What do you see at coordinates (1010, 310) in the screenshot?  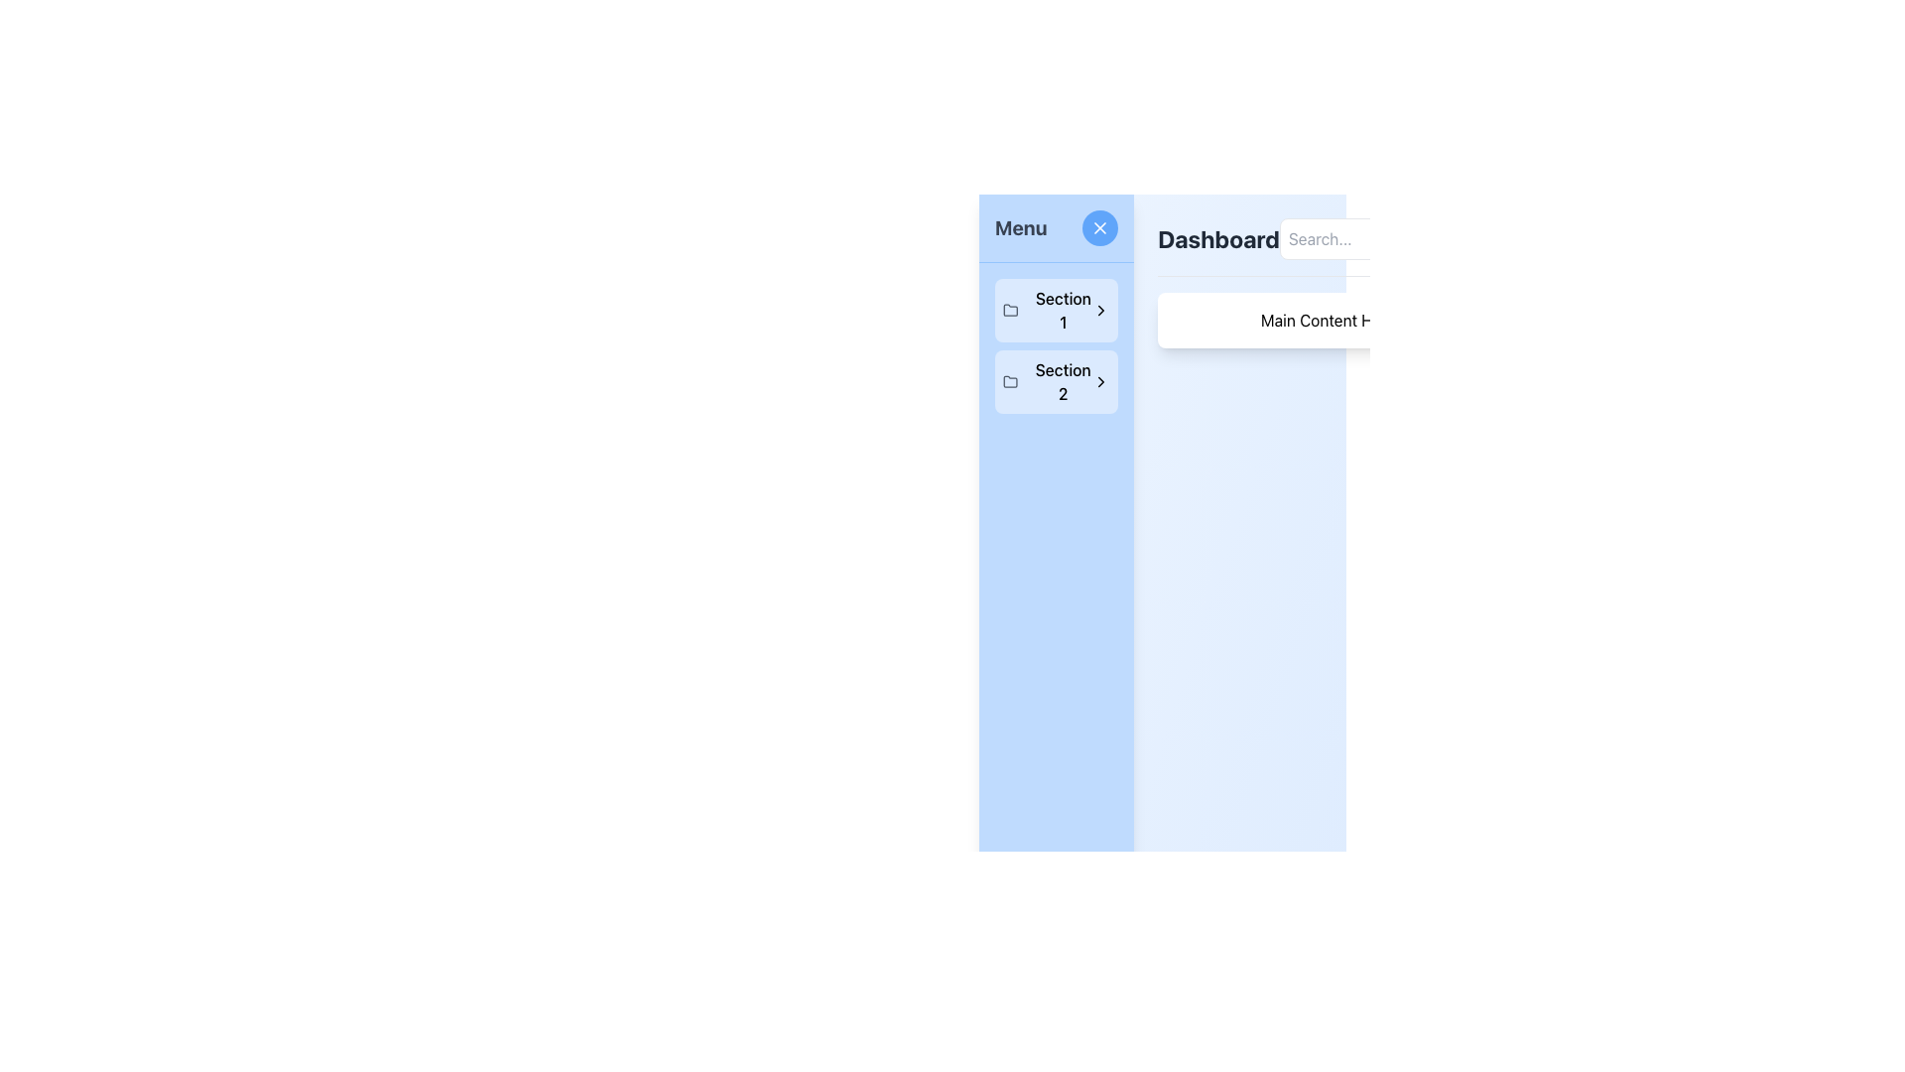 I see `the folder icon located` at bounding box center [1010, 310].